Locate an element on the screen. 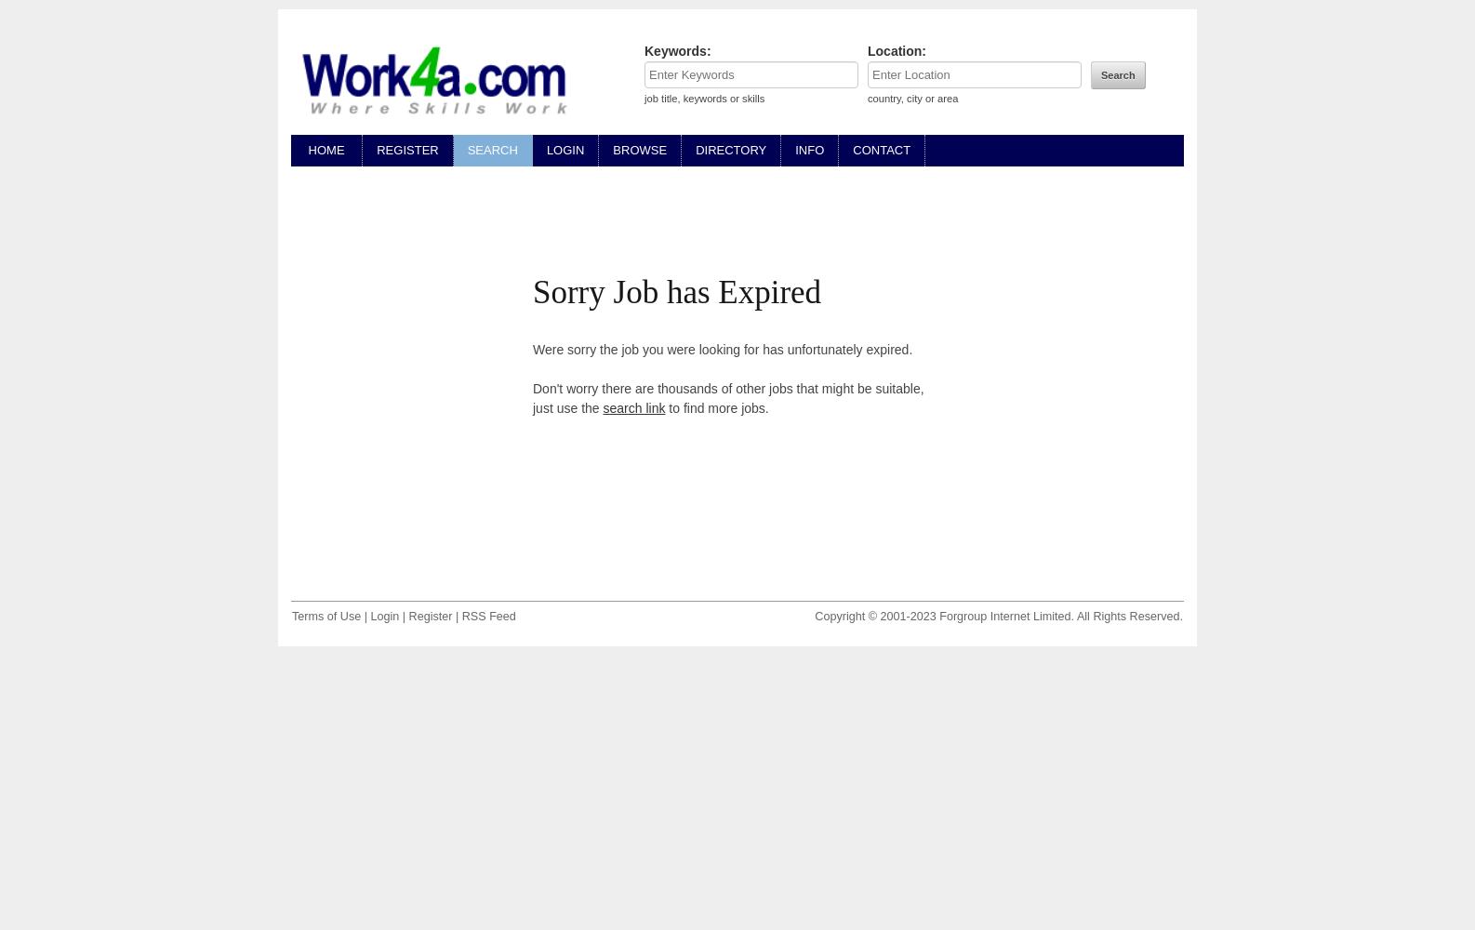  'Register' is located at coordinates (407, 616).